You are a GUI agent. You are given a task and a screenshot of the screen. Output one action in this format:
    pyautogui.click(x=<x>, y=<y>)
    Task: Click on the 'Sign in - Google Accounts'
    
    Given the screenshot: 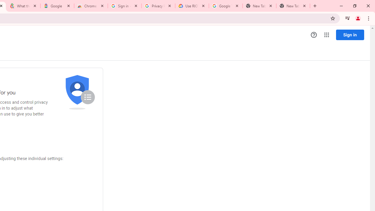 What is the action you would take?
    pyautogui.click(x=124, y=6)
    